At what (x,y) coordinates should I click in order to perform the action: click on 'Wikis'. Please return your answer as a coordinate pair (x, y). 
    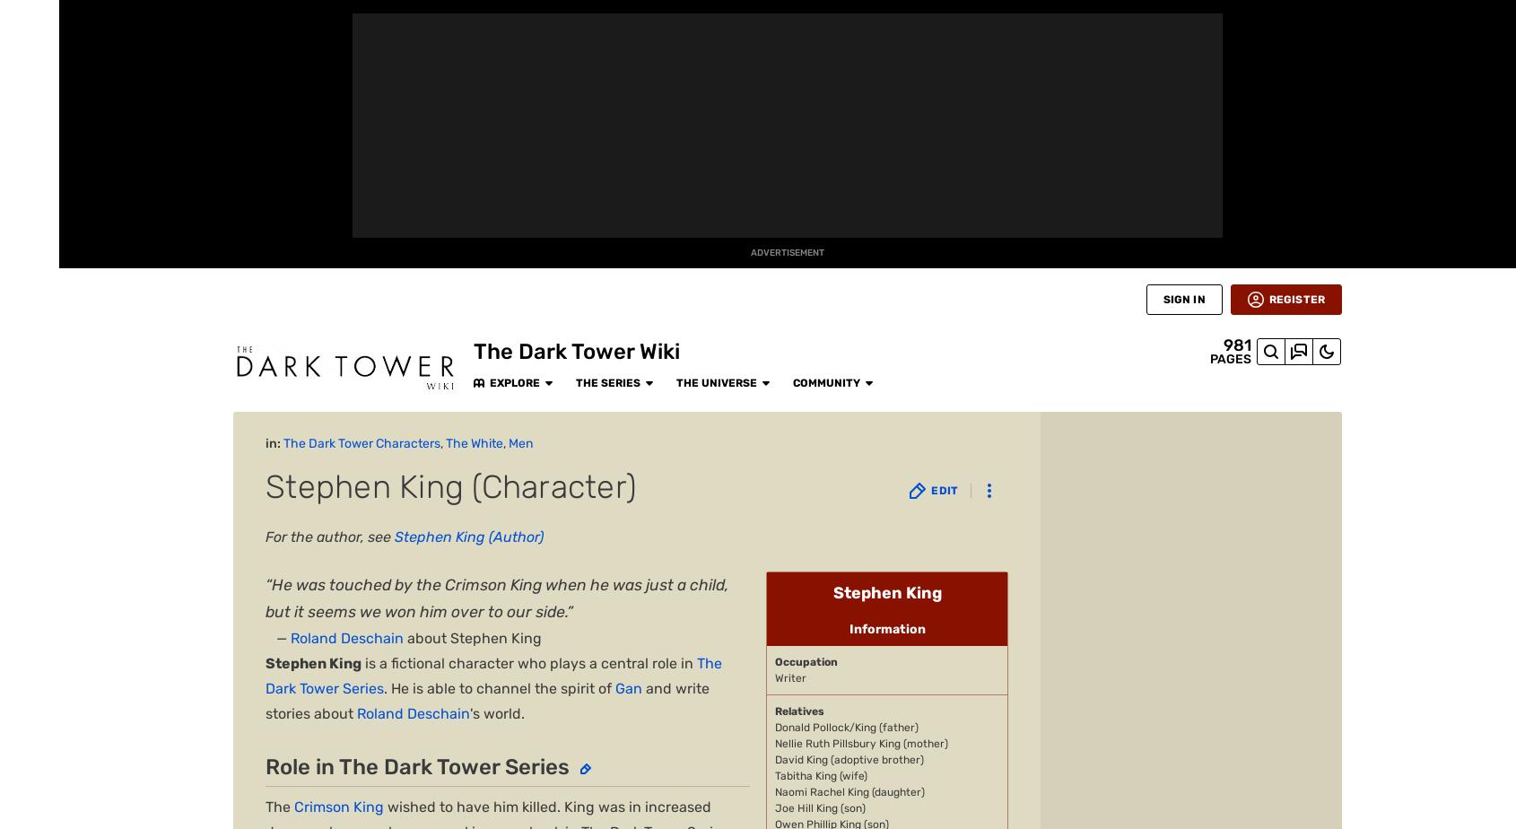
    Looking at the image, I should click on (28, 578).